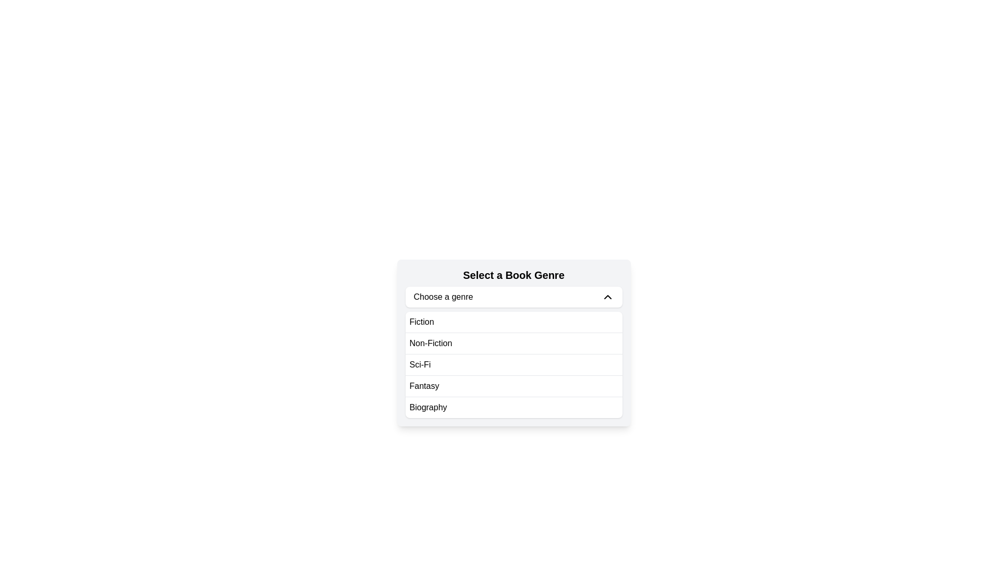  Describe the element at coordinates (514, 321) in the screenshot. I see `the first list item option labeled 'Fiction' in the dropdown list for selecting genres` at that location.